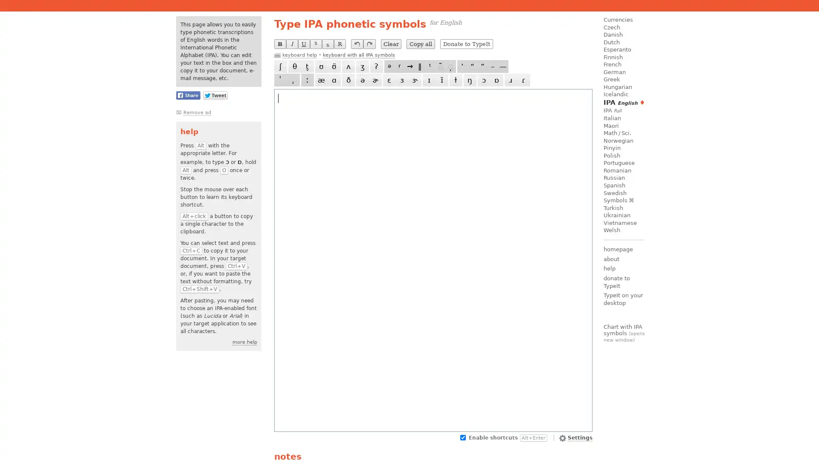 Image resolution: width=819 pixels, height=460 pixels. I want to click on r, so click(399, 65).